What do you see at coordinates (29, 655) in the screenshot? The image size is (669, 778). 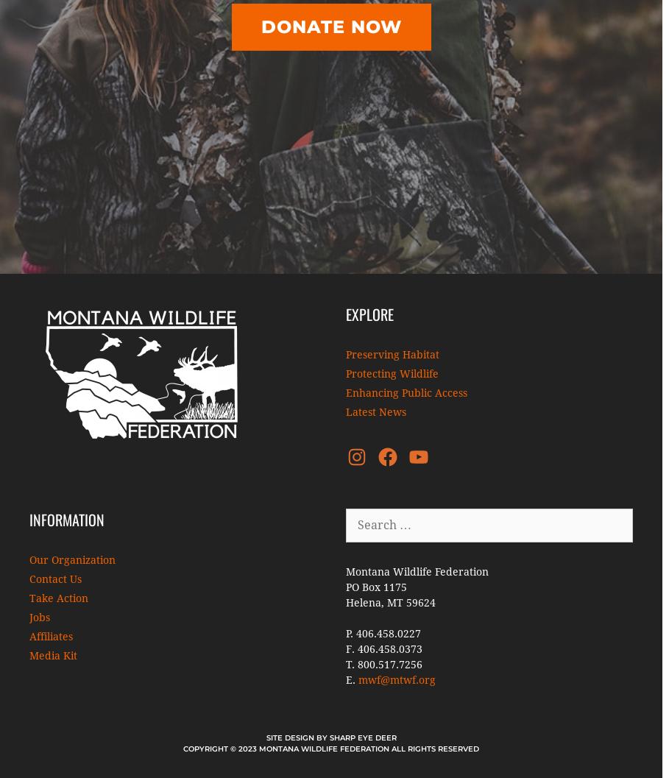 I see `'Media Kit'` at bounding box center [29, 655].